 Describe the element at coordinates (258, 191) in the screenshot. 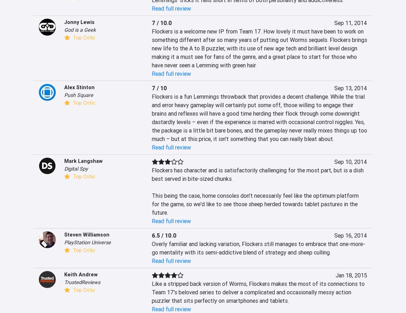

I see `'Flockers has character and is satisfactorily challenging for the most part, but is a dish best served in bite-sized chunks.

This being the case, home consoles don't necessarily feel like the optimum platform for the game, so we'd like to see those sheep herded towards tablet pastures in the future.'` at that location.